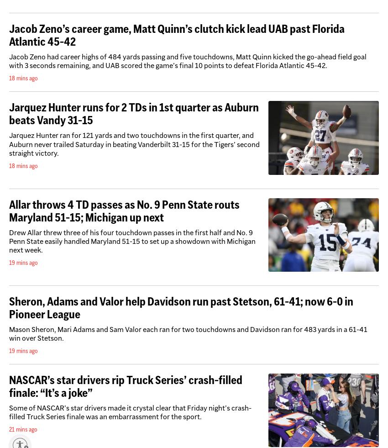 The width and height of the screenshot is (388, 448). What do you see at coordinates (8, 210) in the screenshot?
I see `'Allar throws 4 TD passes as No. 9 Penn State routs Maryland 51-15; Michigan up next'` at bounding box center [8, 210].